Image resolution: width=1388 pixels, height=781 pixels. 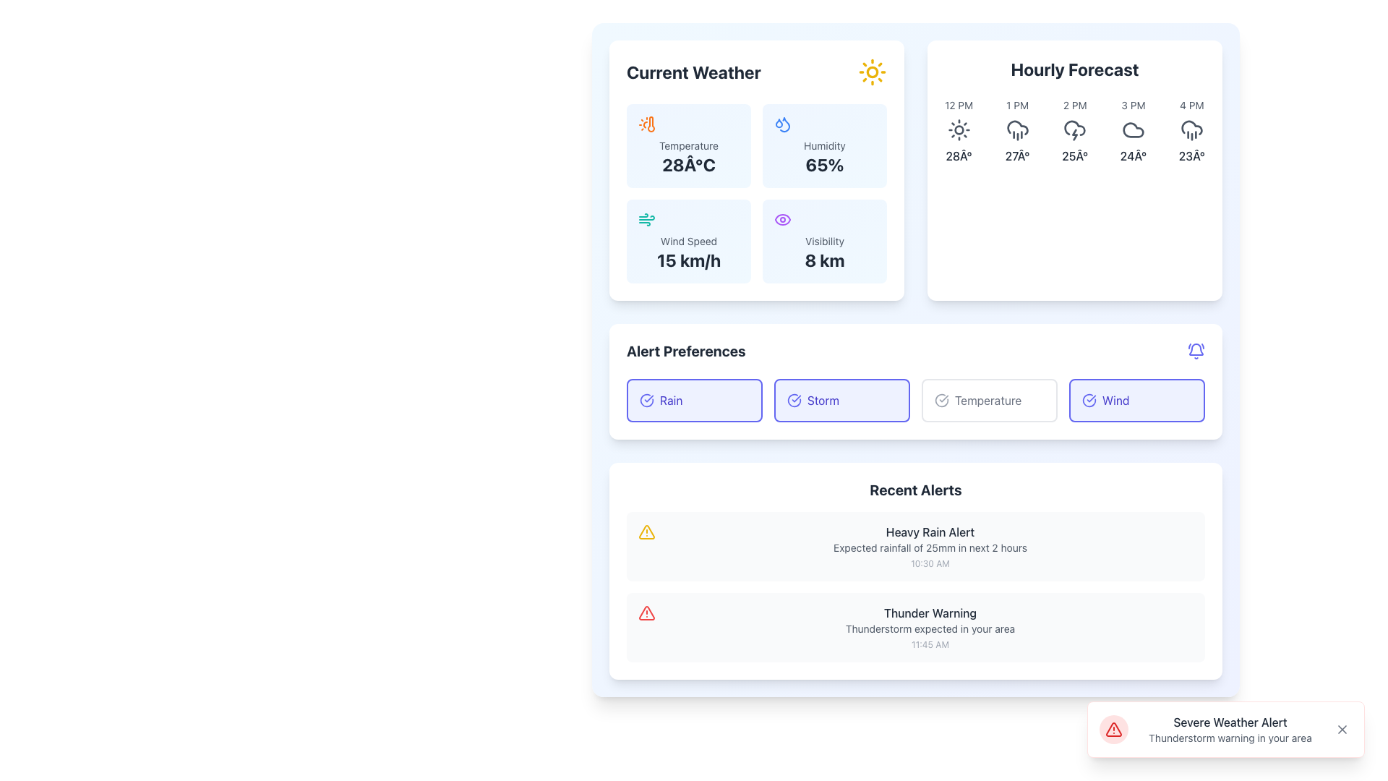 What do you see at coordinates (694, 401) in the screenshot?
I see `the rain alert preference toggle button, which is the first button in the horizontal grid under the 'Alert Preferences' section` at bounding box center [694, 401].